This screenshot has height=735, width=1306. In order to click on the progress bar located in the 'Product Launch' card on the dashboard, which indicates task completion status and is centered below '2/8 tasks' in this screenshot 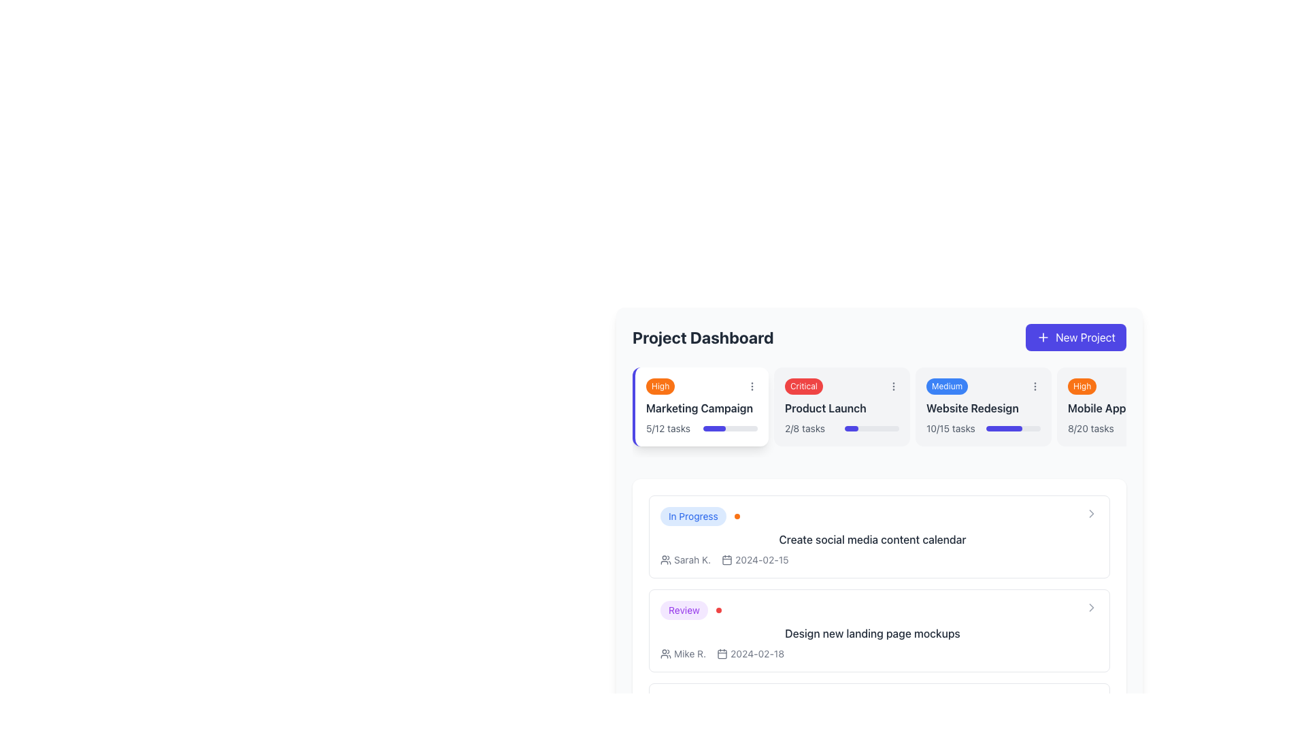, I will do `click(871, 427)`.